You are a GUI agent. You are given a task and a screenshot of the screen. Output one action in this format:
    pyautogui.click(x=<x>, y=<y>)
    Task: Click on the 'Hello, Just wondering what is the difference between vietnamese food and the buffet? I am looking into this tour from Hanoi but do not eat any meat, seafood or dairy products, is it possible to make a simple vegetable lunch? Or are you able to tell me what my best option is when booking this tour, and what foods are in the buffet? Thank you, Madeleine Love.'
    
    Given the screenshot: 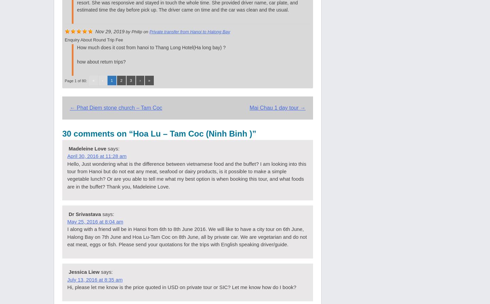 What is the action you would take?
    pyautogui.click(x=186, y=175)
    